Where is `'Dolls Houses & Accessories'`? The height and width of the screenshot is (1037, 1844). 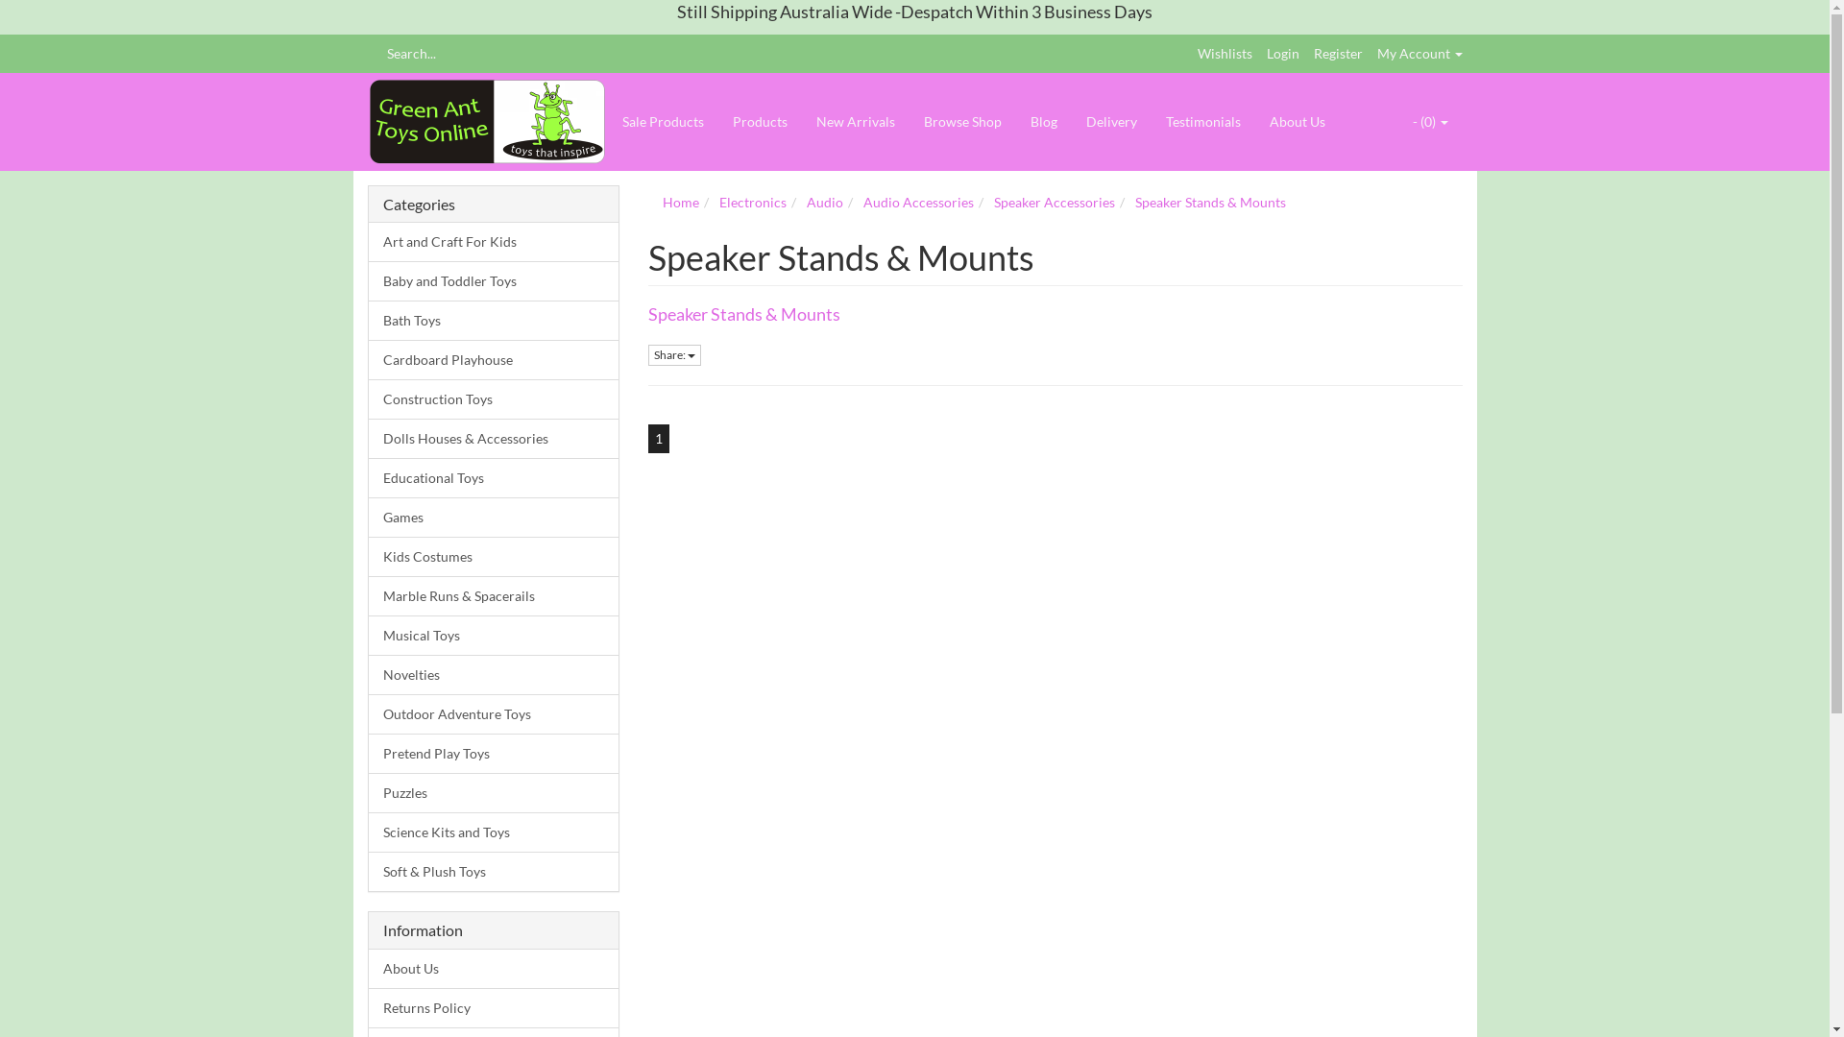
'Dolls Houses & Accessories' is located at coordinates (369, 438).